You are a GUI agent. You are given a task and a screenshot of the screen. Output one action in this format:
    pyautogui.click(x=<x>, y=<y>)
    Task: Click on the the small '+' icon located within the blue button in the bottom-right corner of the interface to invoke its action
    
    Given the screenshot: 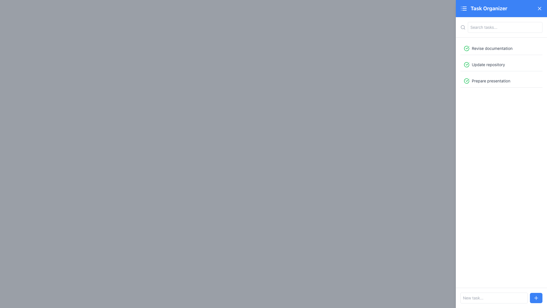 What is the action you would take?
    pyautogui.click(x=536, y=298)
    